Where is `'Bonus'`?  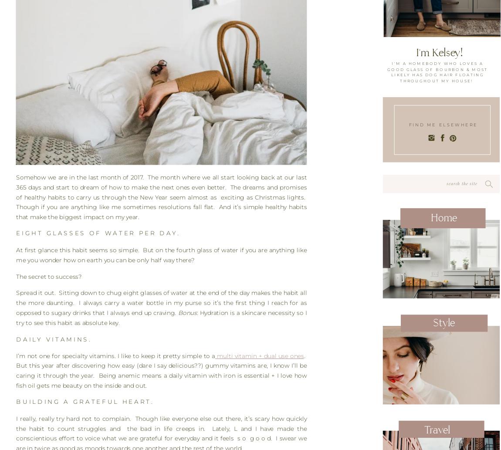
'Bonus' is located at coordinates (178, 313).